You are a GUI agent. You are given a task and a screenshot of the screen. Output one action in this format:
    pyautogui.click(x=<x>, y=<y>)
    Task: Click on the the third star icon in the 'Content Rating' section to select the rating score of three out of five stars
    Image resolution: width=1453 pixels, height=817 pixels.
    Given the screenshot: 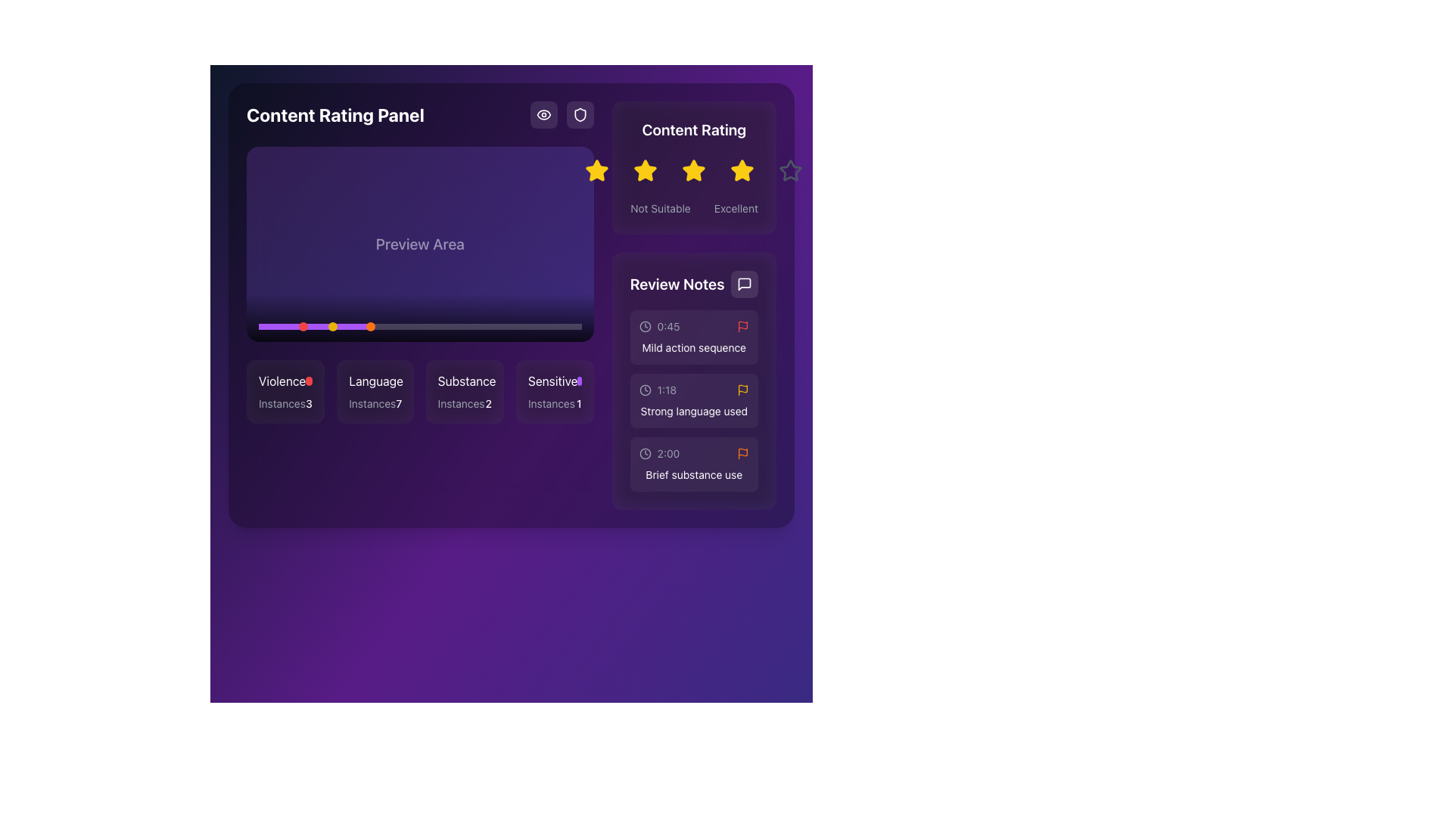 What is the action you would take?
    pyautogui.click(x=693, y=170)
    